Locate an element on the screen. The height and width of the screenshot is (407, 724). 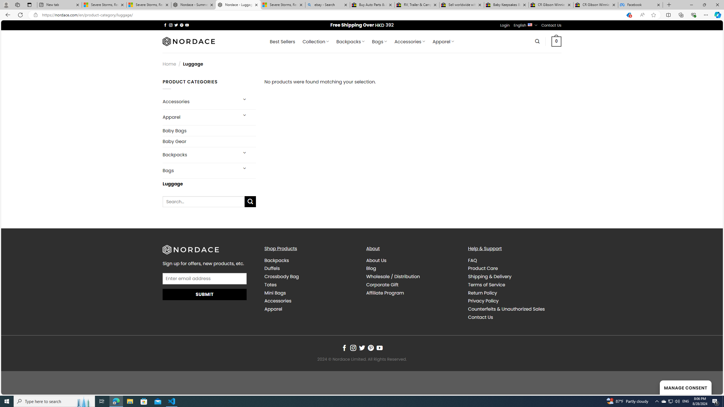
'Follow on Pinterest' is located at coordinates (370, 348).